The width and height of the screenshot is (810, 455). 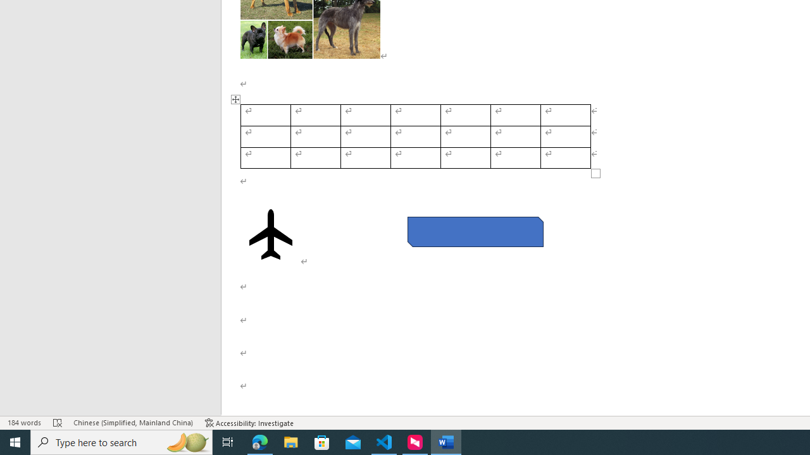 I want to click on 'Accessibility Checker Accessibility: Investigate', so click(x=249, y=423).